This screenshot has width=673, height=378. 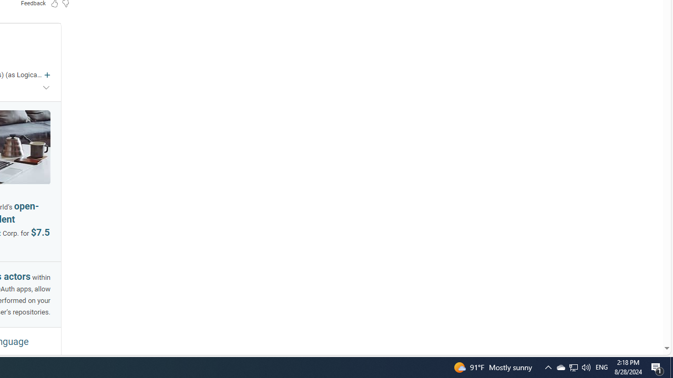 I want to click on 'AutomationID: mfa_root', so click(x=627, y=316).